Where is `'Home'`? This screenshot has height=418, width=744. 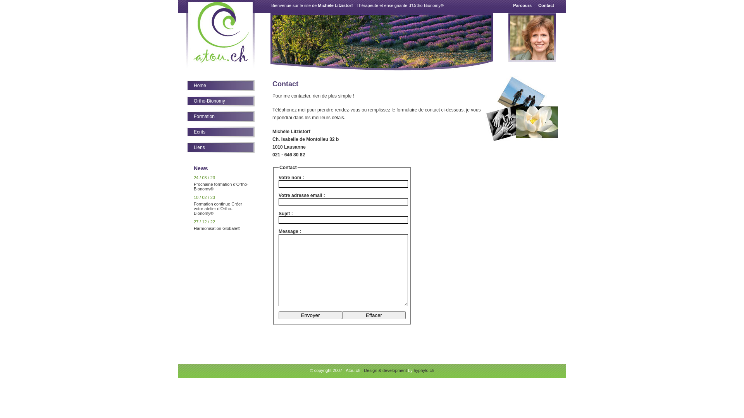 'Home' is located at coordinates (186, 85).